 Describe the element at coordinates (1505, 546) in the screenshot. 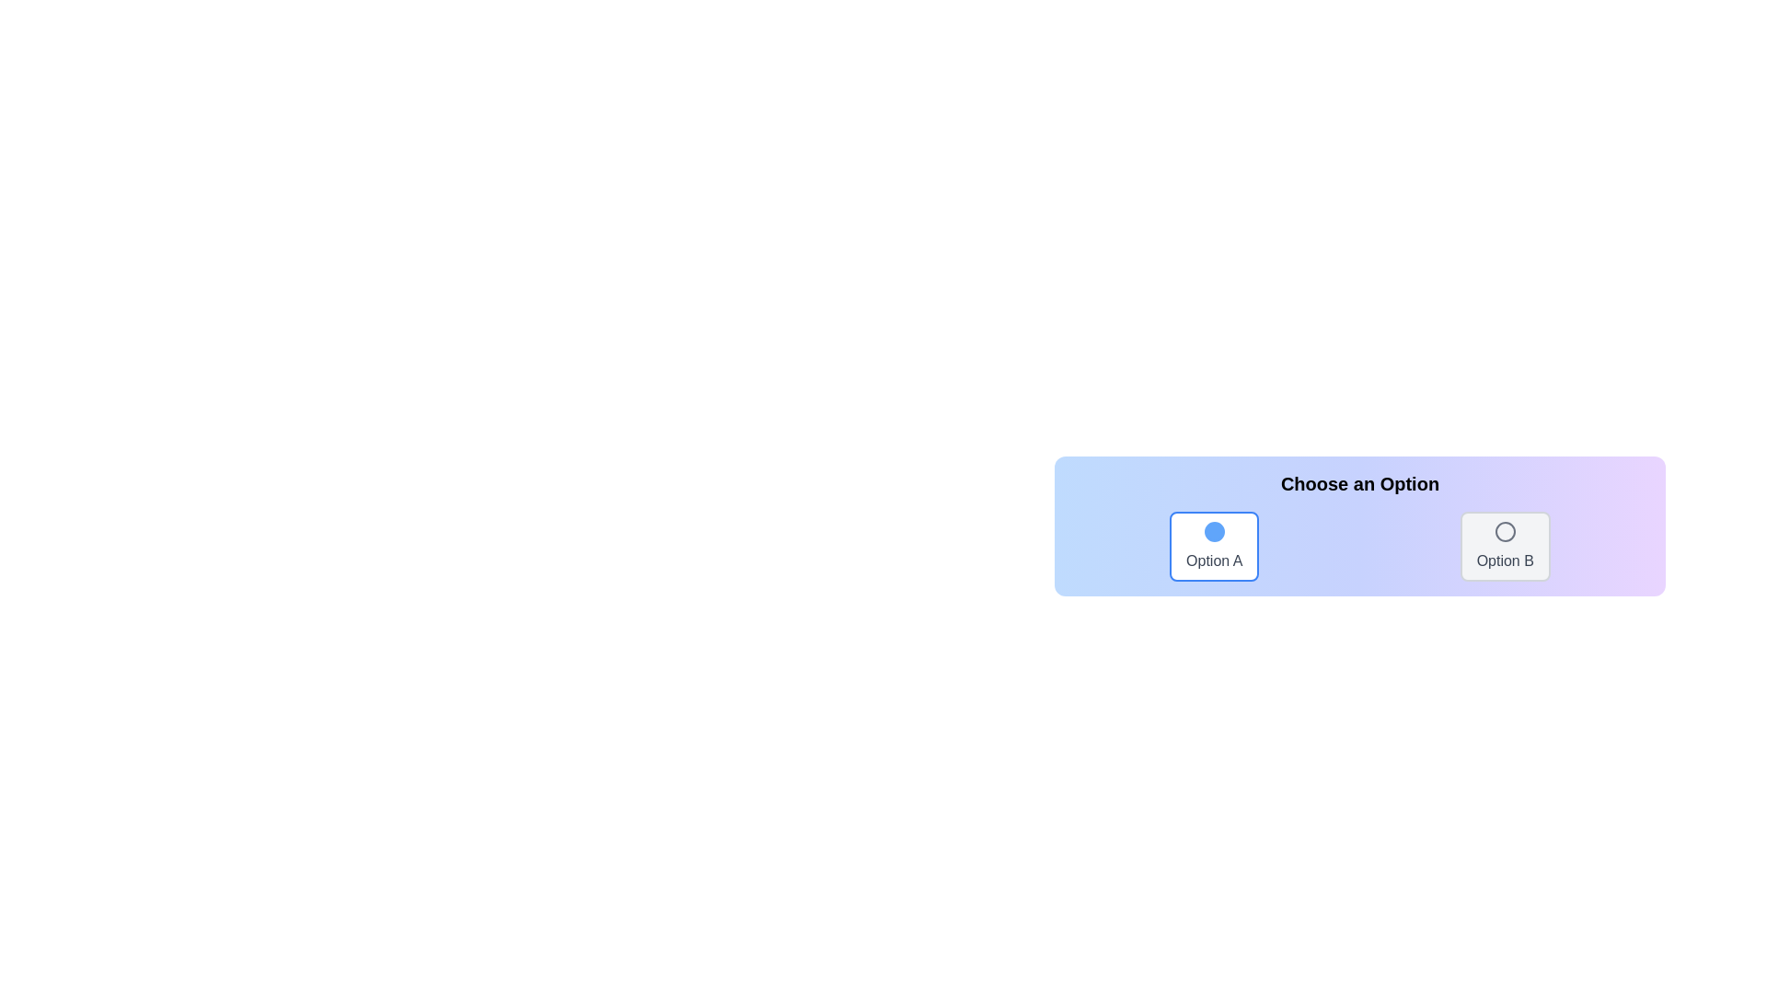

I see `the 'Option B' button` at that location.